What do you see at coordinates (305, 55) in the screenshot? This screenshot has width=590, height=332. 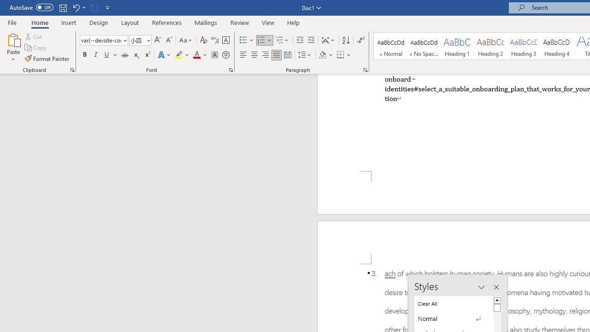 I see `'Line and Paragraph Spacing'` at bounding box center [305, 55].